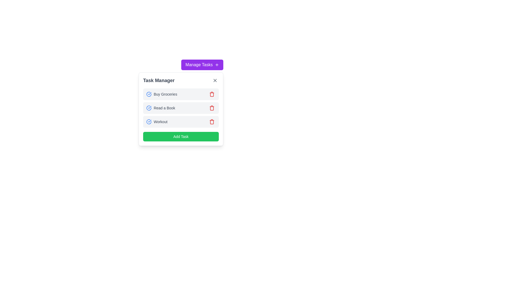  Describe the element at coordinates (217, 65) in the screenshot. I see `the small '+' icon with a purple background located beside the 'Manage Tasks' text` at that location.